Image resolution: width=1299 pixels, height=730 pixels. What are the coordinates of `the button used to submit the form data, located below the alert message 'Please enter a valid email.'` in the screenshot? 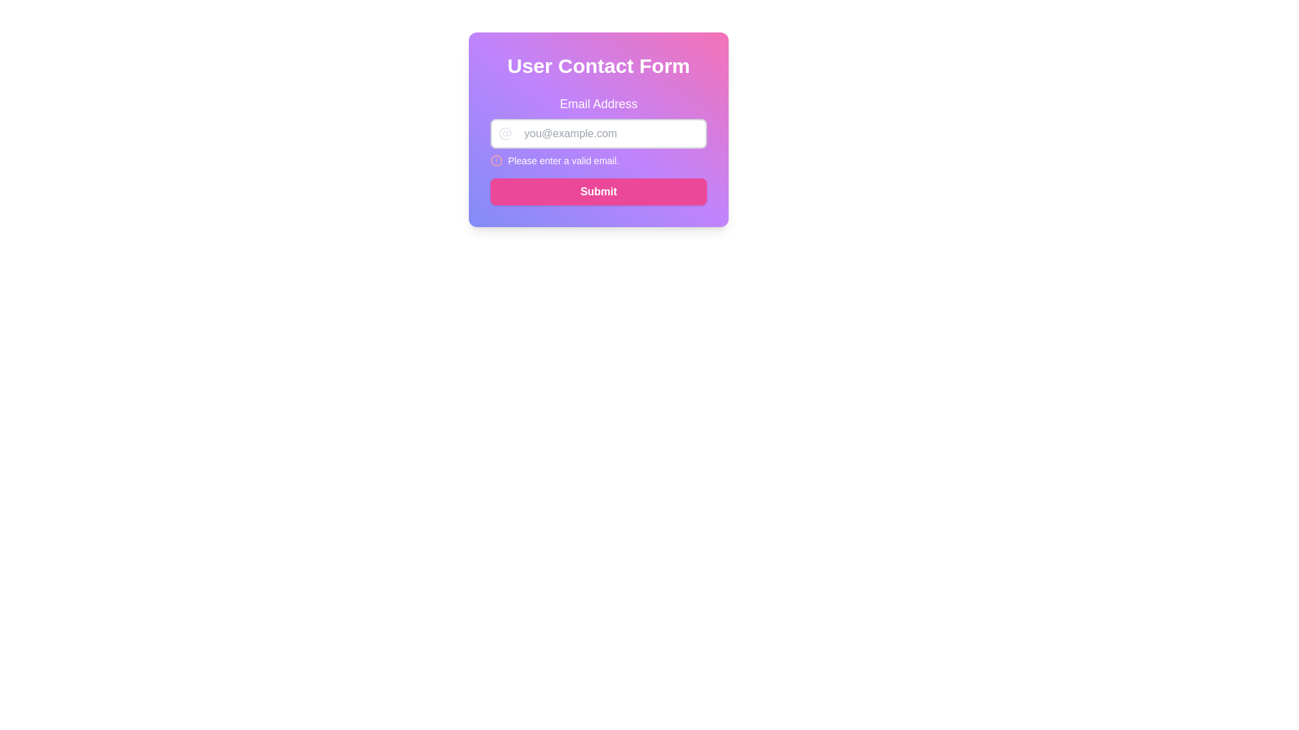 It's located at (597, 192).